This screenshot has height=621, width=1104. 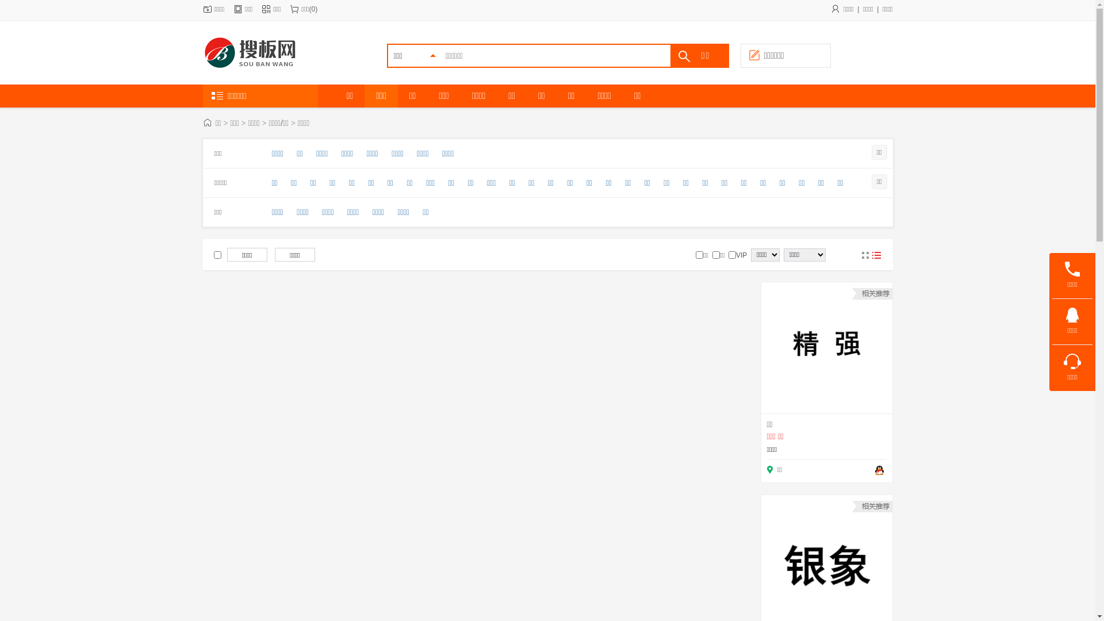 What do you see at coordinates (217, 254) in the screenshot?
I see `'on'` at bounding box center [217, 254].